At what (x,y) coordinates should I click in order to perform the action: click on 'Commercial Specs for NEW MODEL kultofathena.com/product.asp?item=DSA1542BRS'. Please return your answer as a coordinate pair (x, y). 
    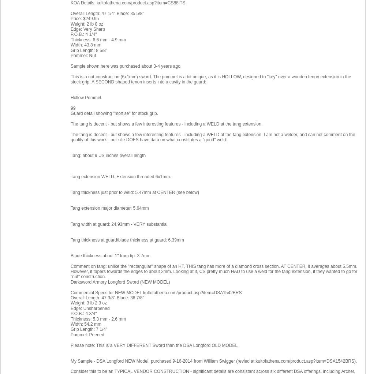
    Looking at the image, I should click on (156, 292).